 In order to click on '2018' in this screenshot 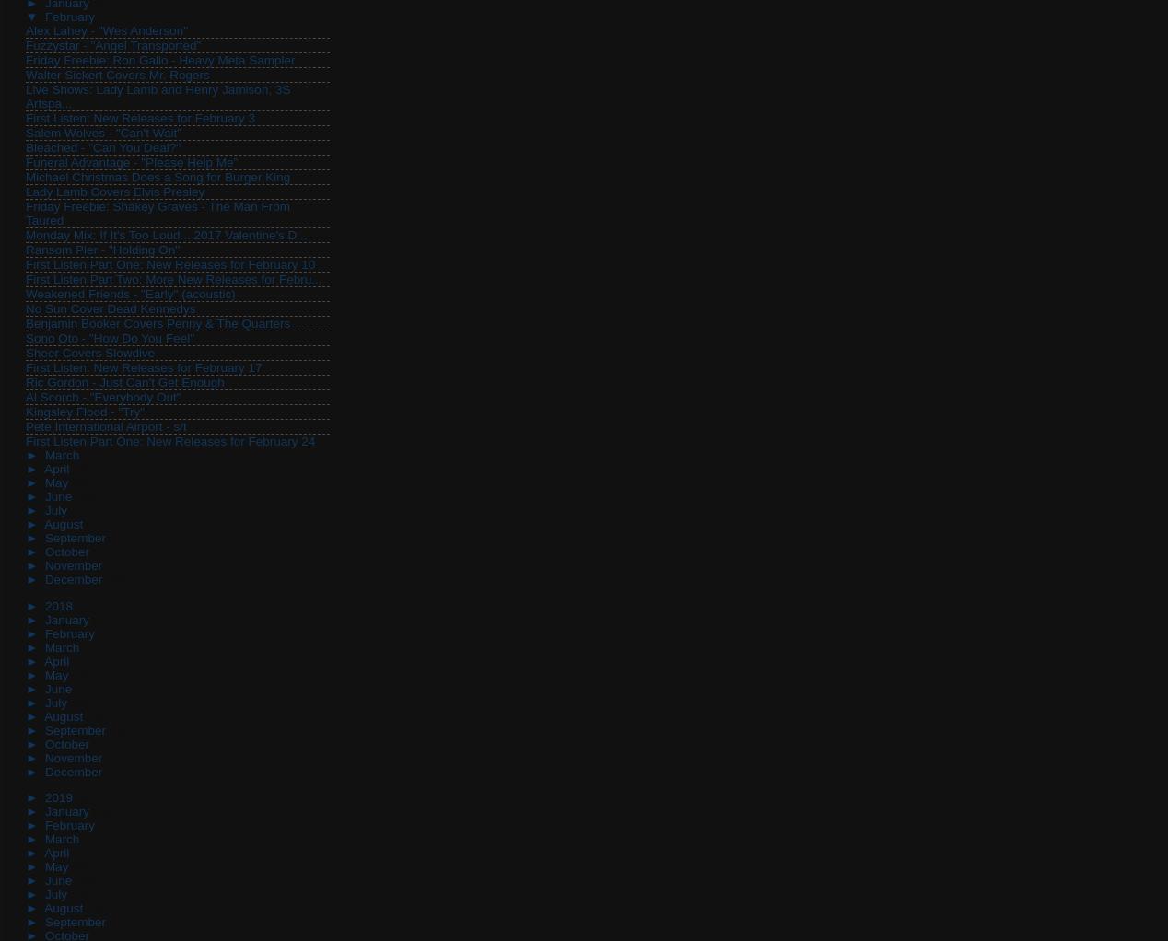, I will do `click(59, 605)`.